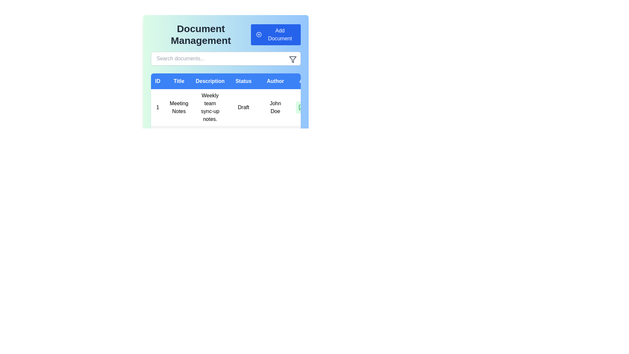 The width and height of the screenshot is (629, 354). What do you see at coordinates (258, 34) in the screenshot?
I see `the plus icon inside the 'Add Document' button located in the upper-right corner of the interface` at bounding box center [258, 34].